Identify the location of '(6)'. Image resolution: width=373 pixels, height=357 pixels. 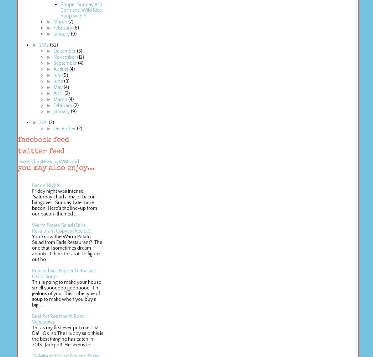
(75, 28).